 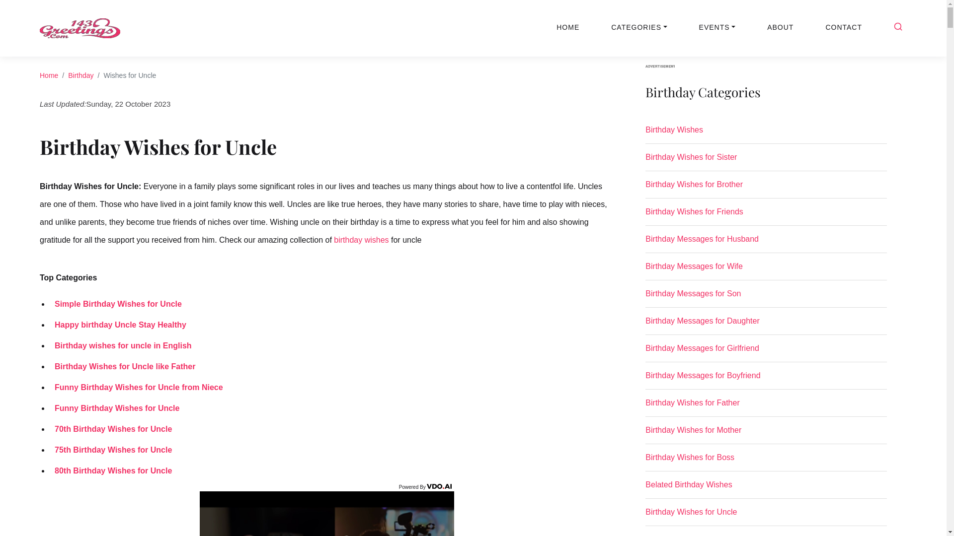 I want to click on 'CATEGORIES', so click(x=639, y=27).